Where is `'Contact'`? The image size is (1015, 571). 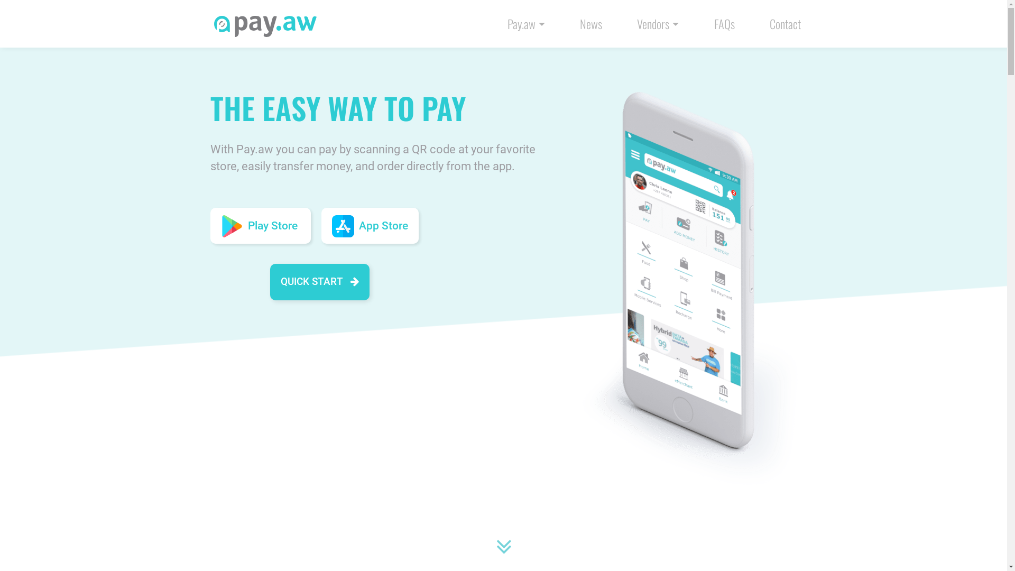 'Contact' is located at coordinates (785, 23).